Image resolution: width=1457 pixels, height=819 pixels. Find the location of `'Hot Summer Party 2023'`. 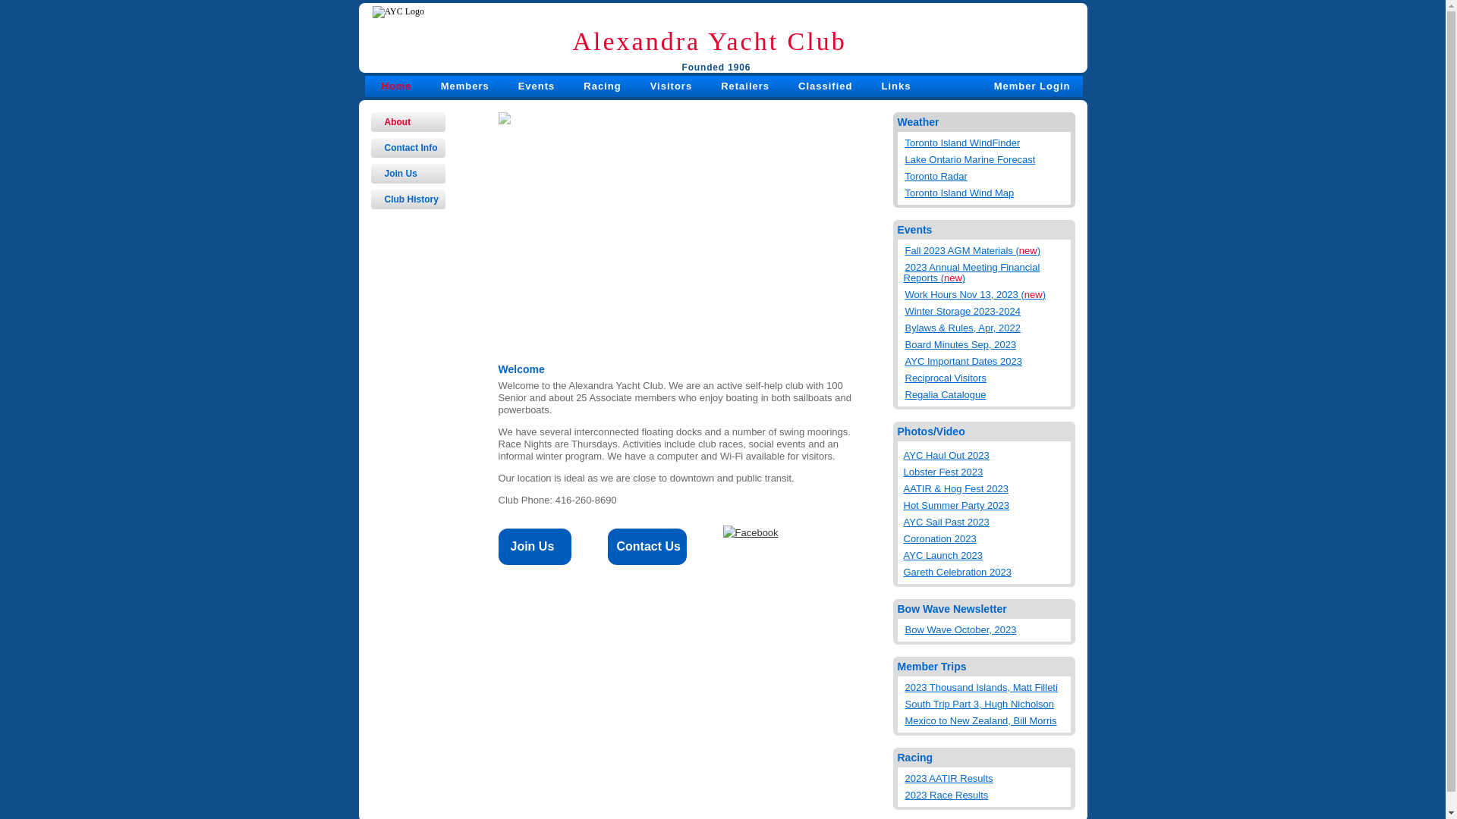

'Hot Summer Party 2023' is located at coordinates (903, 506).